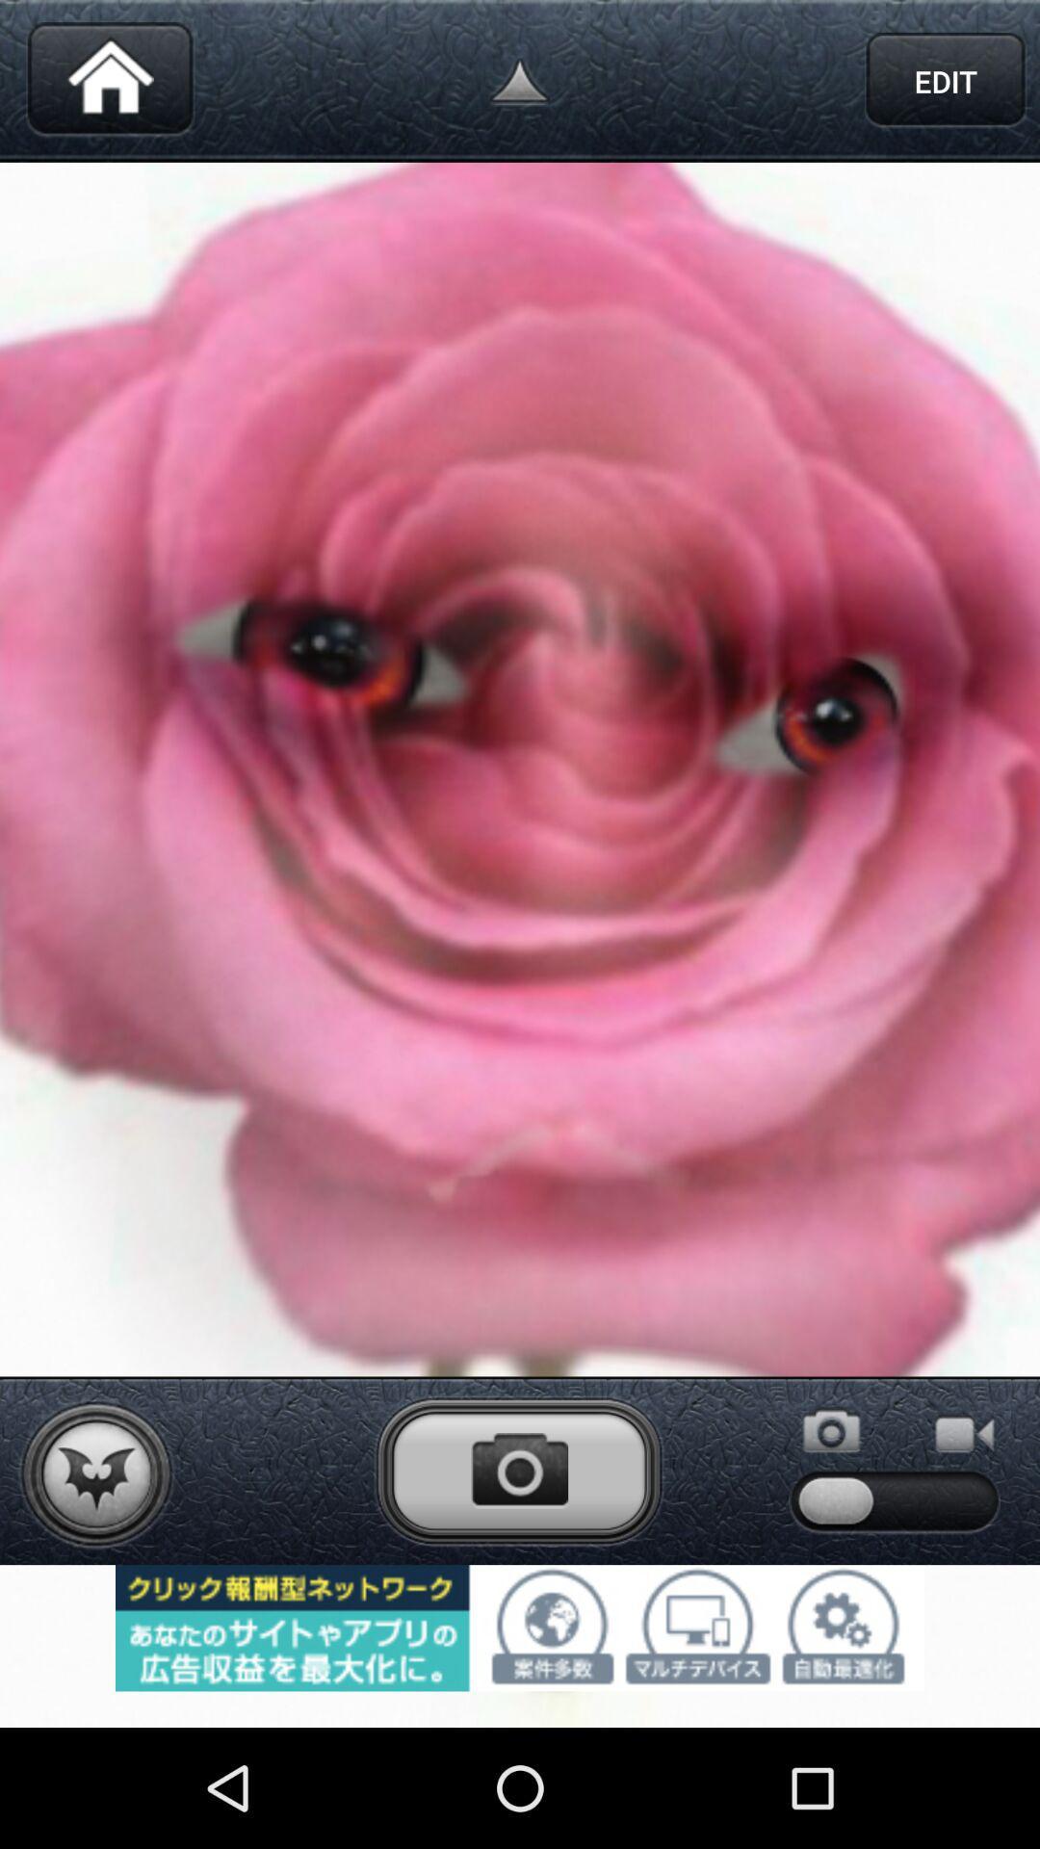 The width and height of the screenshot is (1040, 1849). Describe the element at coordinates (520, 1627) in the screenshot. I see `advertisement` at that location.